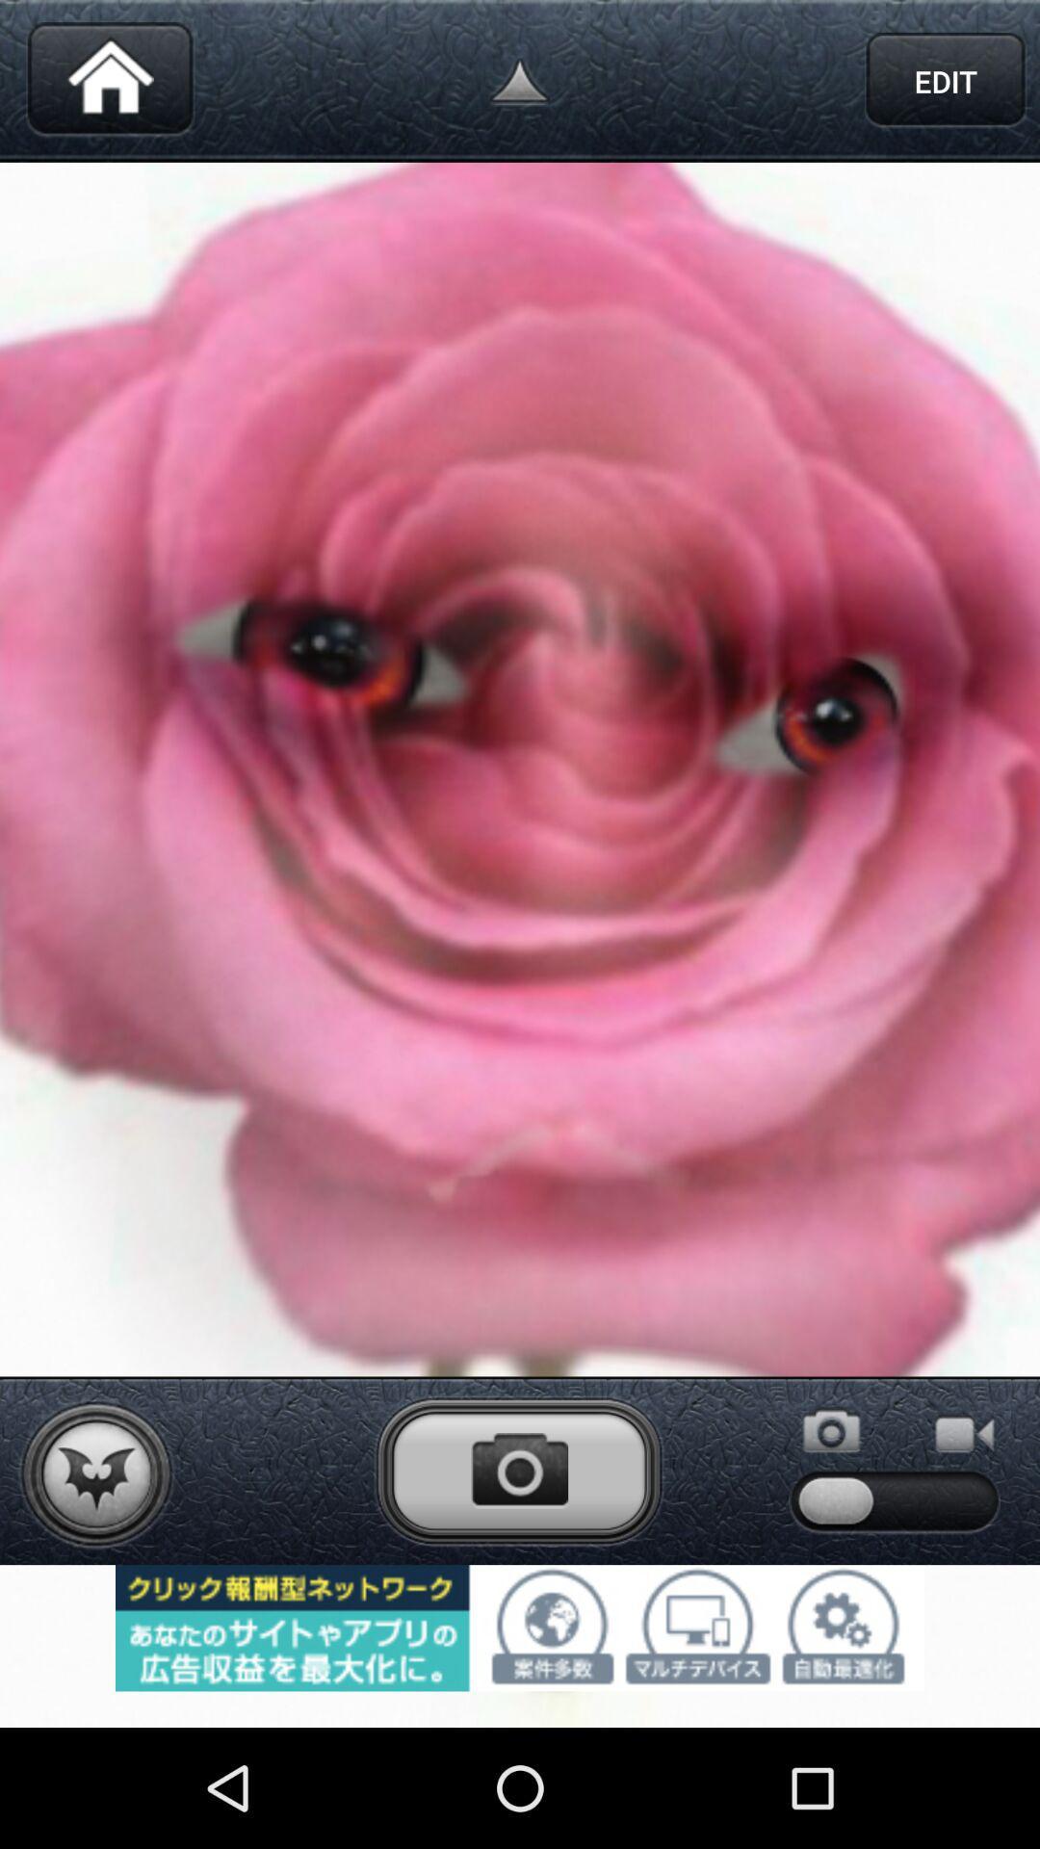 The width and height of the screenshot is (1040, 1849). Describe the element at coordinates (520, 1627) in the screenshot. I see `advertisement` at that location.